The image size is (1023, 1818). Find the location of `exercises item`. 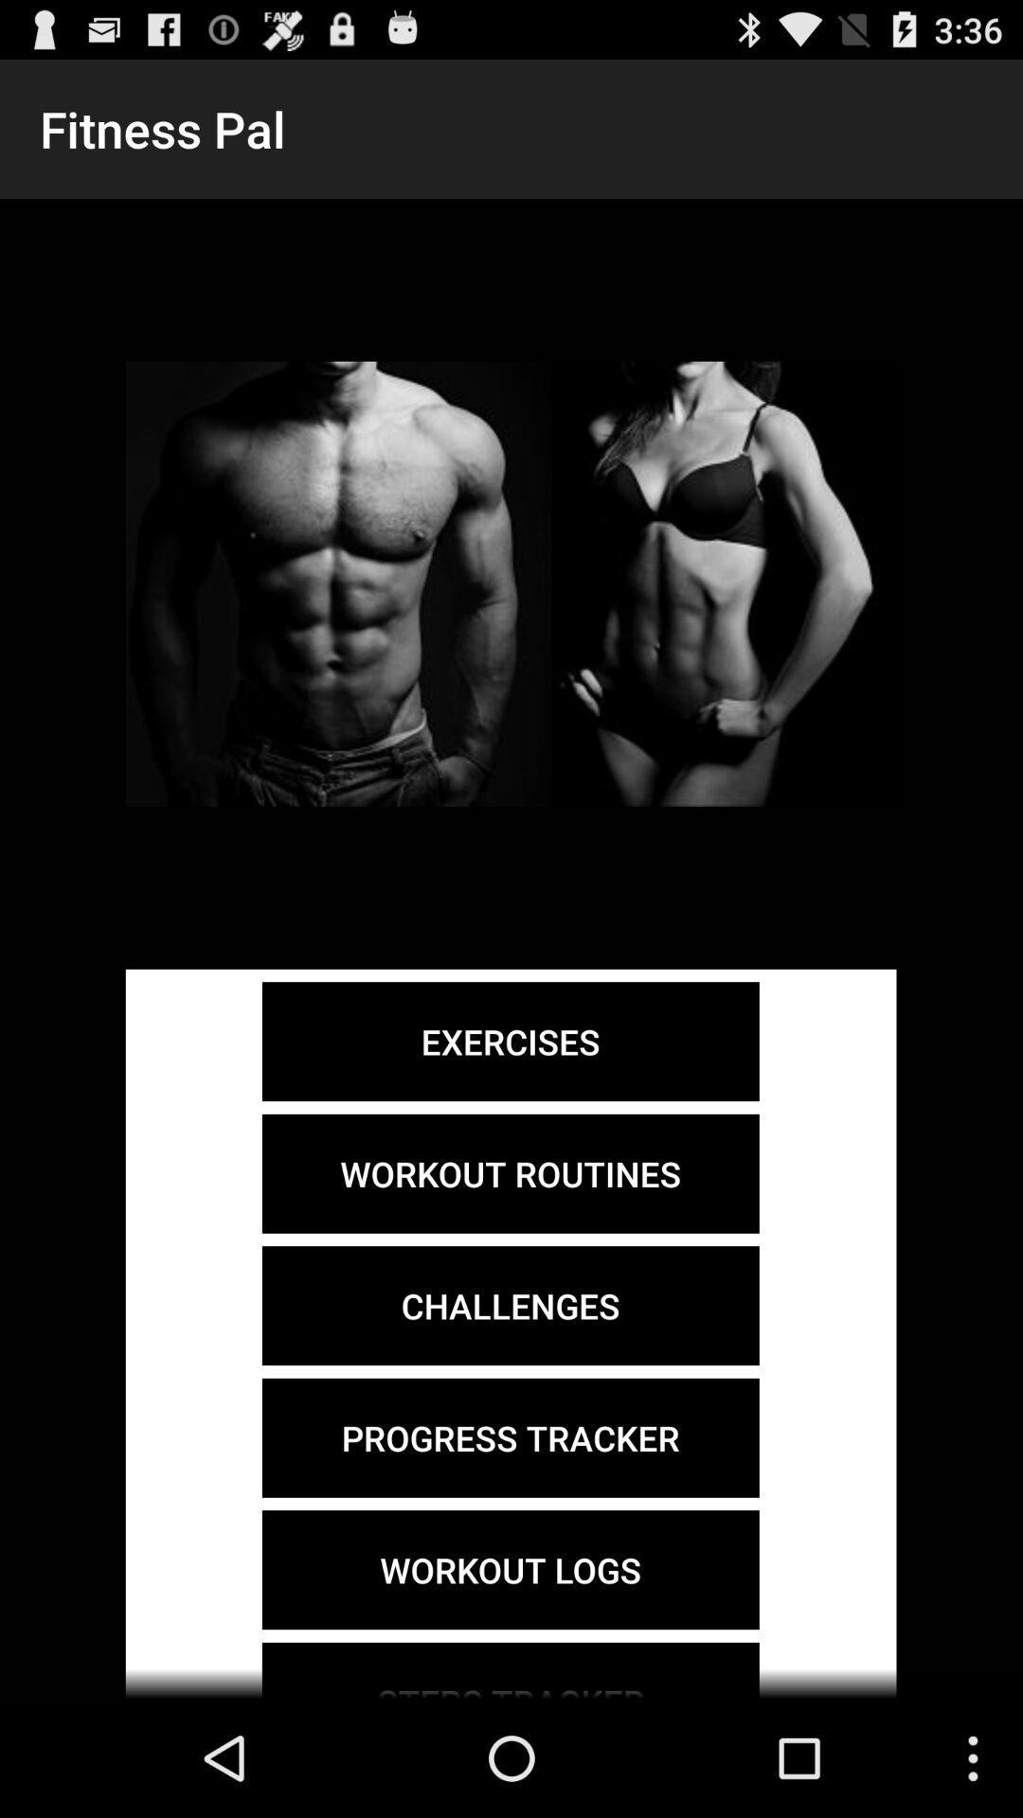

exercises item is located at coordinates (510, 1041).